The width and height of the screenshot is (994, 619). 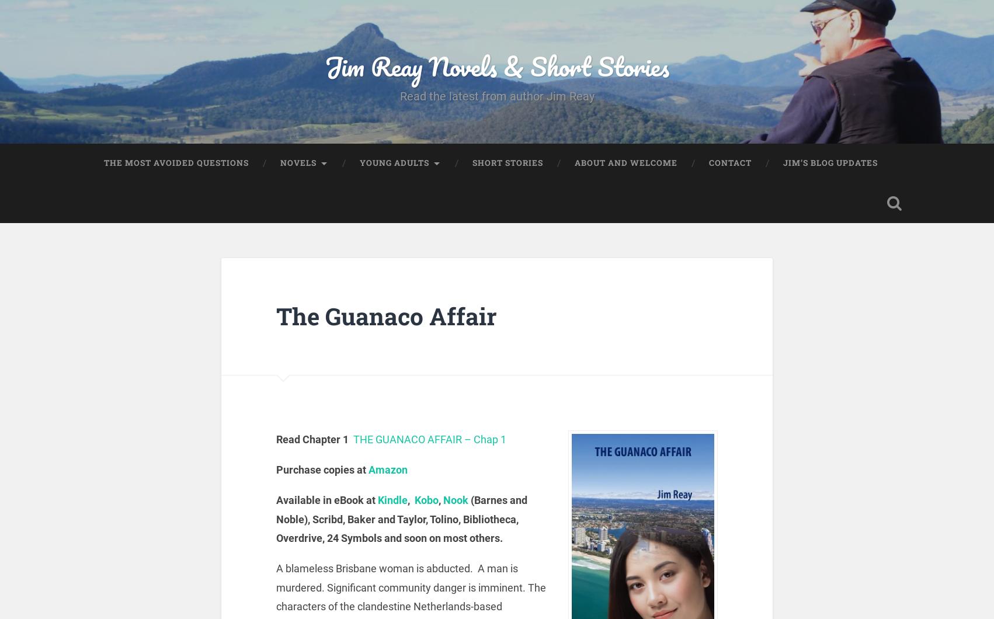 What do you see at coordinates (377, 500) in the screenshot?
I see `'Kindle'` at bounding box center [377, 500].